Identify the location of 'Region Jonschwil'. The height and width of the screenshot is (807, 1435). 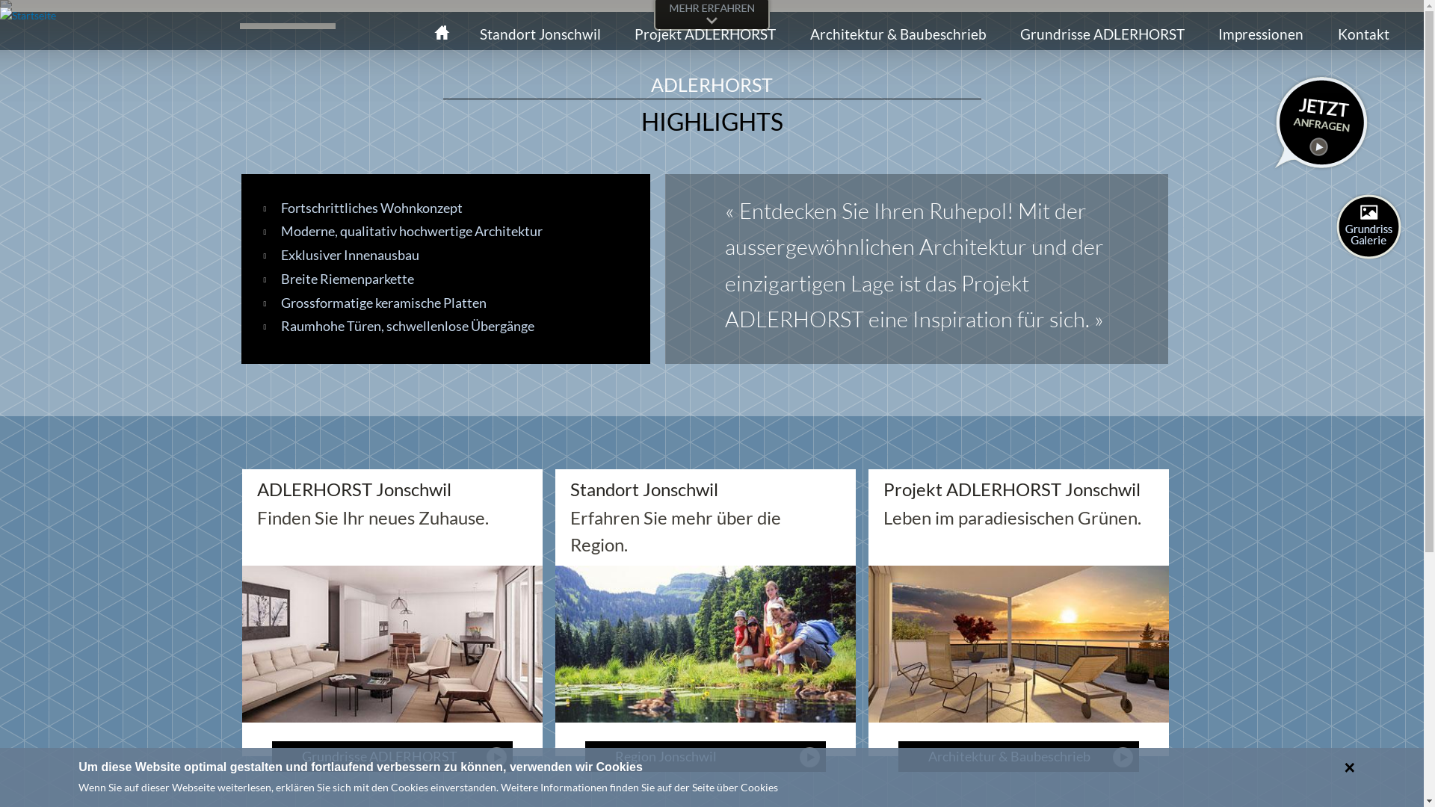
(584, 756).